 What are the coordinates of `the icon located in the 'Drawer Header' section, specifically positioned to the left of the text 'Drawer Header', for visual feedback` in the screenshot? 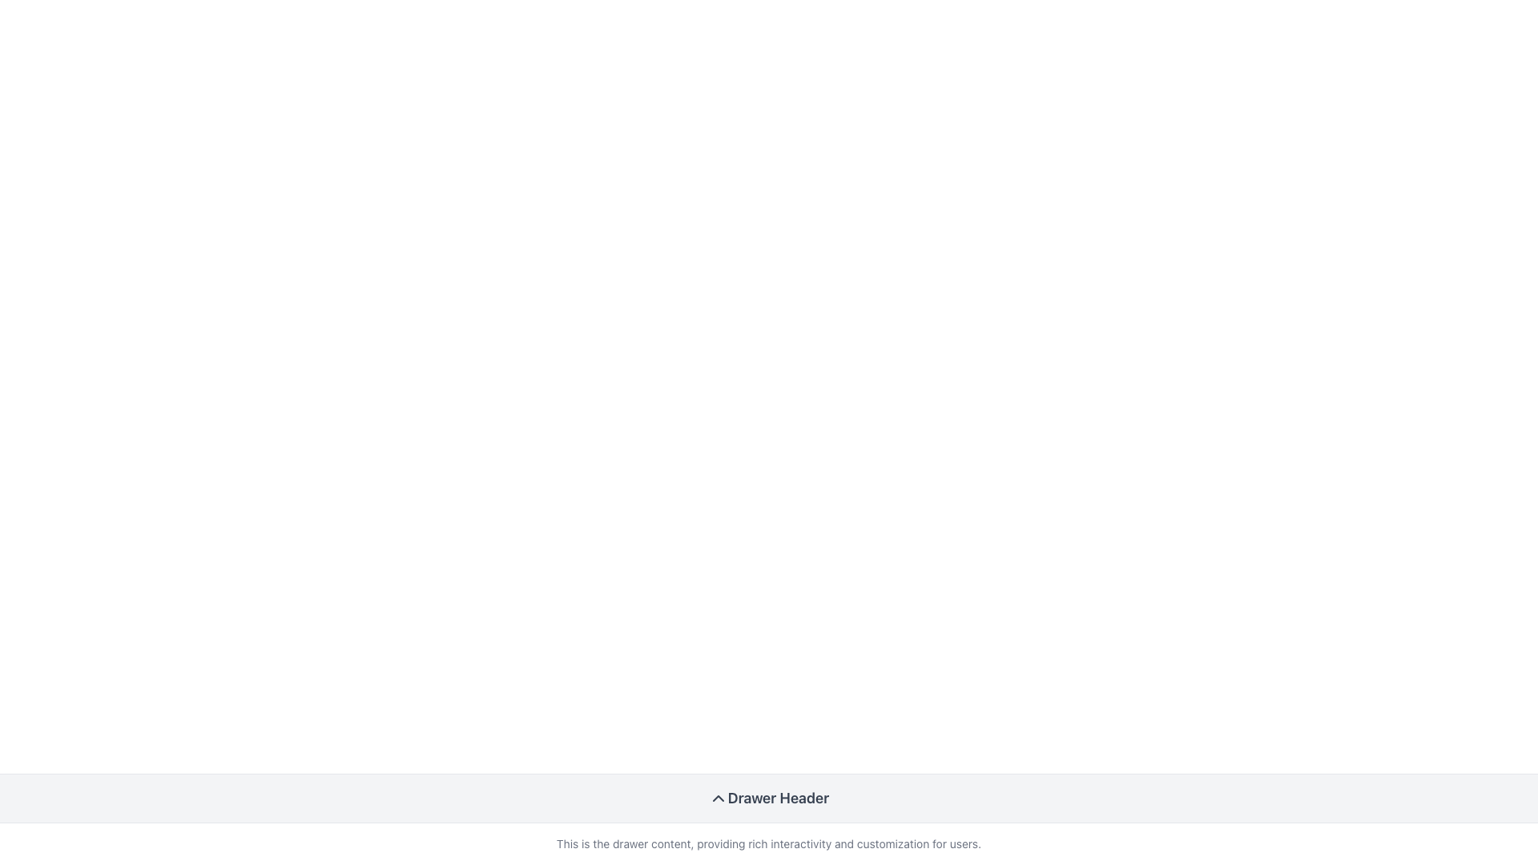 It's located at (717, 798).